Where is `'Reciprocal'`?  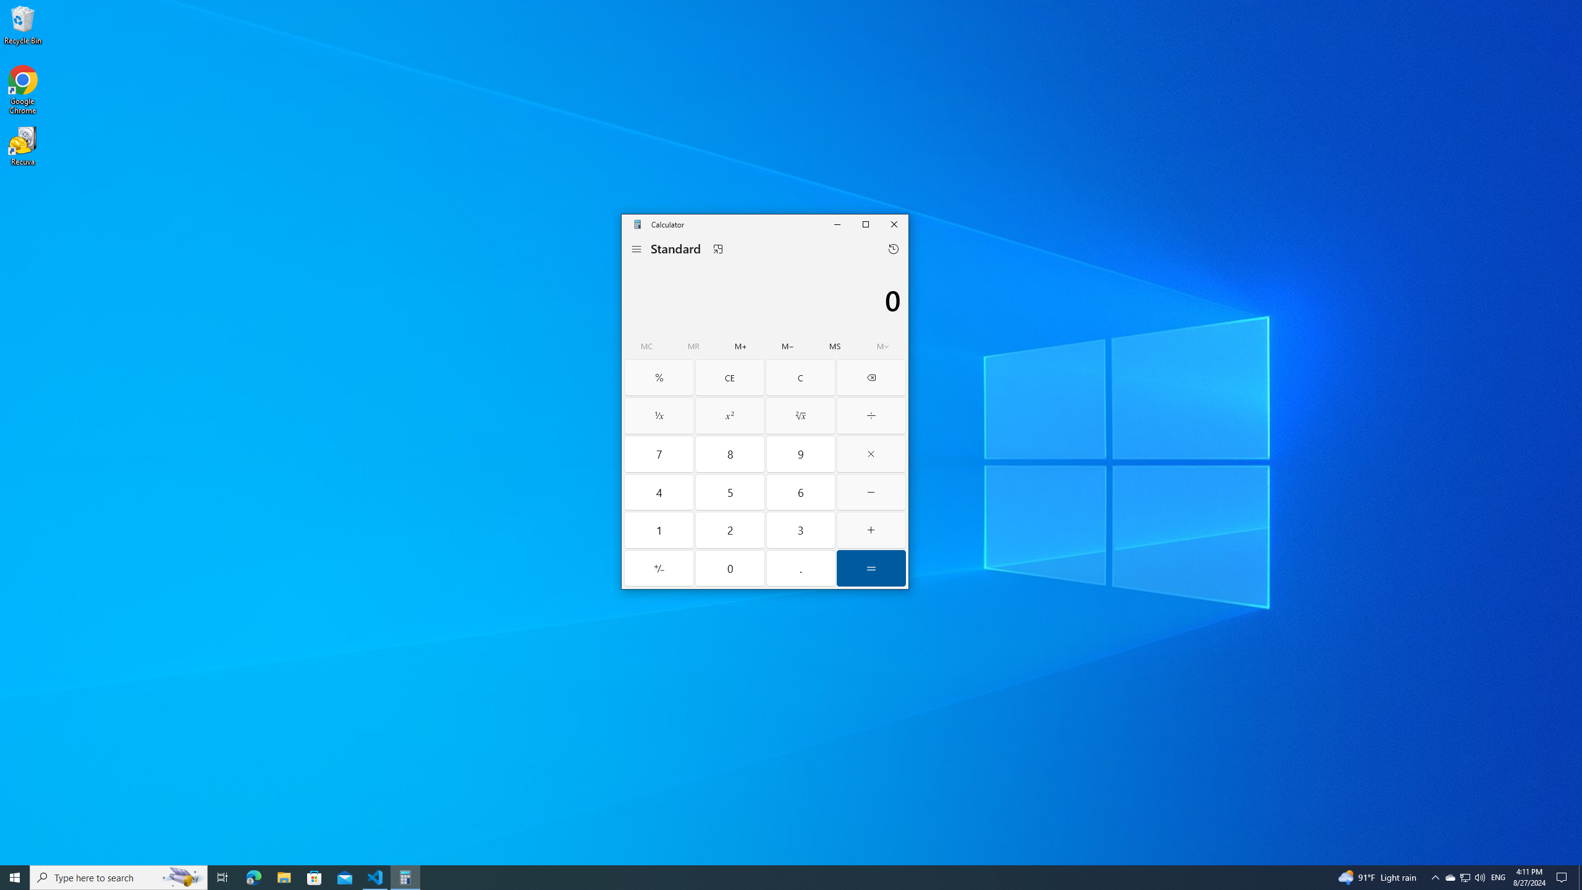 'Reciprocal' is located at coordinates (659, 416).